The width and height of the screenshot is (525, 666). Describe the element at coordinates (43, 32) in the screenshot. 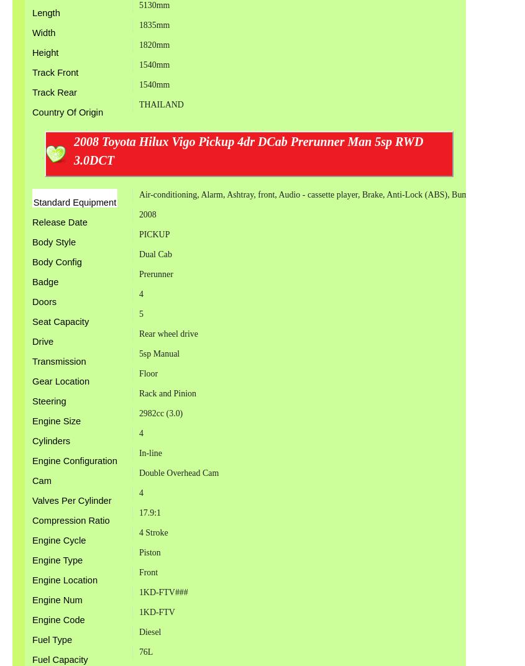

I see `'Width'` at that location.